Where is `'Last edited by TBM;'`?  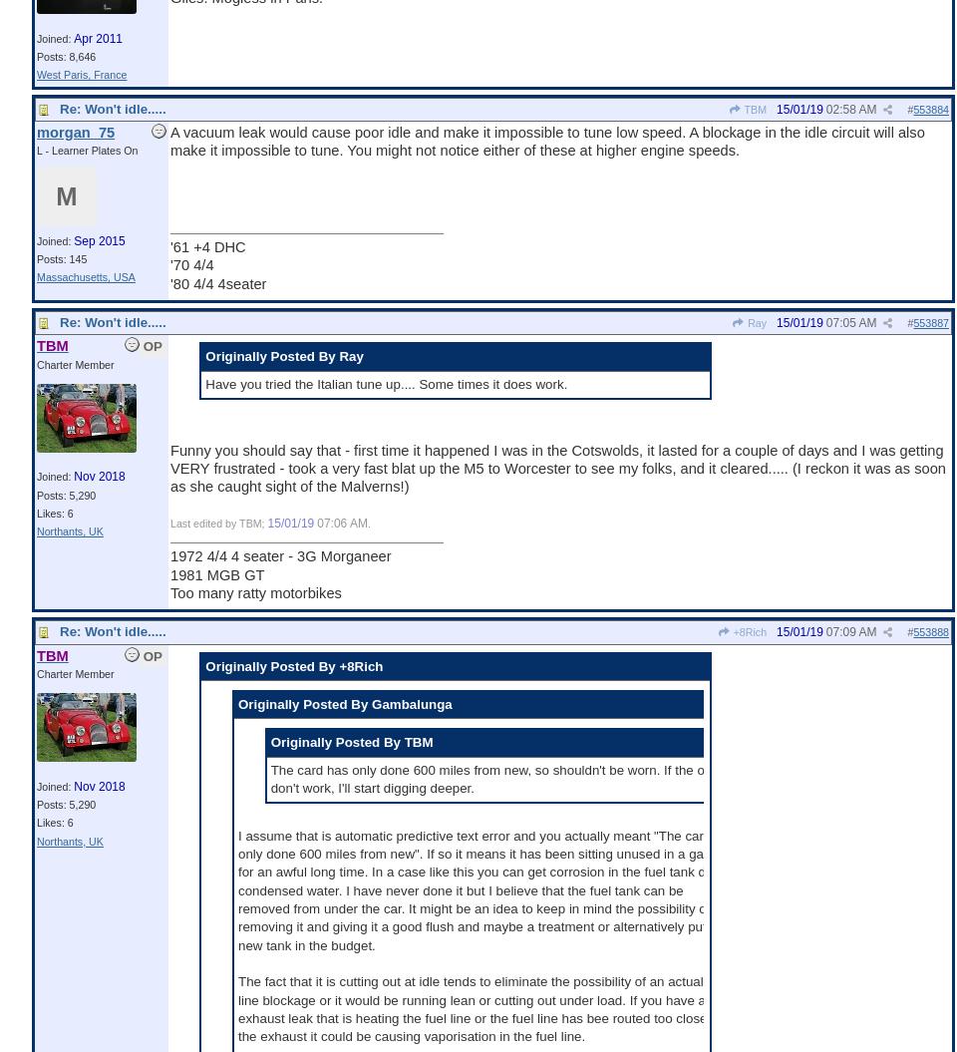
'Last edited by TBM;' is located at coordinates (218, 523).